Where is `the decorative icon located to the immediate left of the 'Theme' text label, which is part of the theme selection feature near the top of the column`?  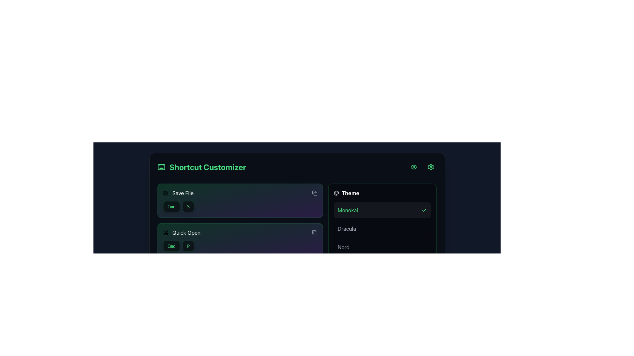 the decorative icon located to the immediate left of the 'Theme' text label, which is part of the theme selection feature near the top of the column is located at coordinates (336, 193).